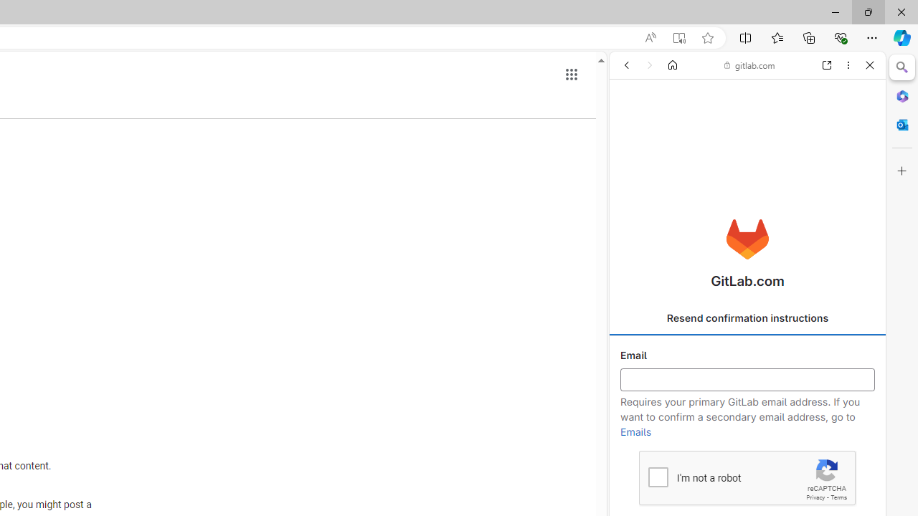  Describe the element at coordinates (671, 163) in the screenshot. I see `'Search Filter, IMAGES'` at that location.